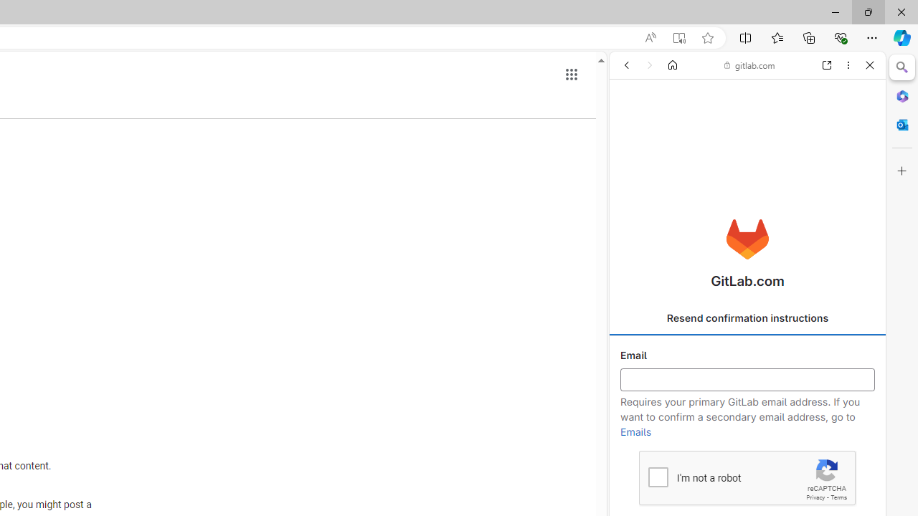  Describe the element at coordinates (671, 163) in the screenshot. I see `'Search Filter, IMAGES'` at that location.